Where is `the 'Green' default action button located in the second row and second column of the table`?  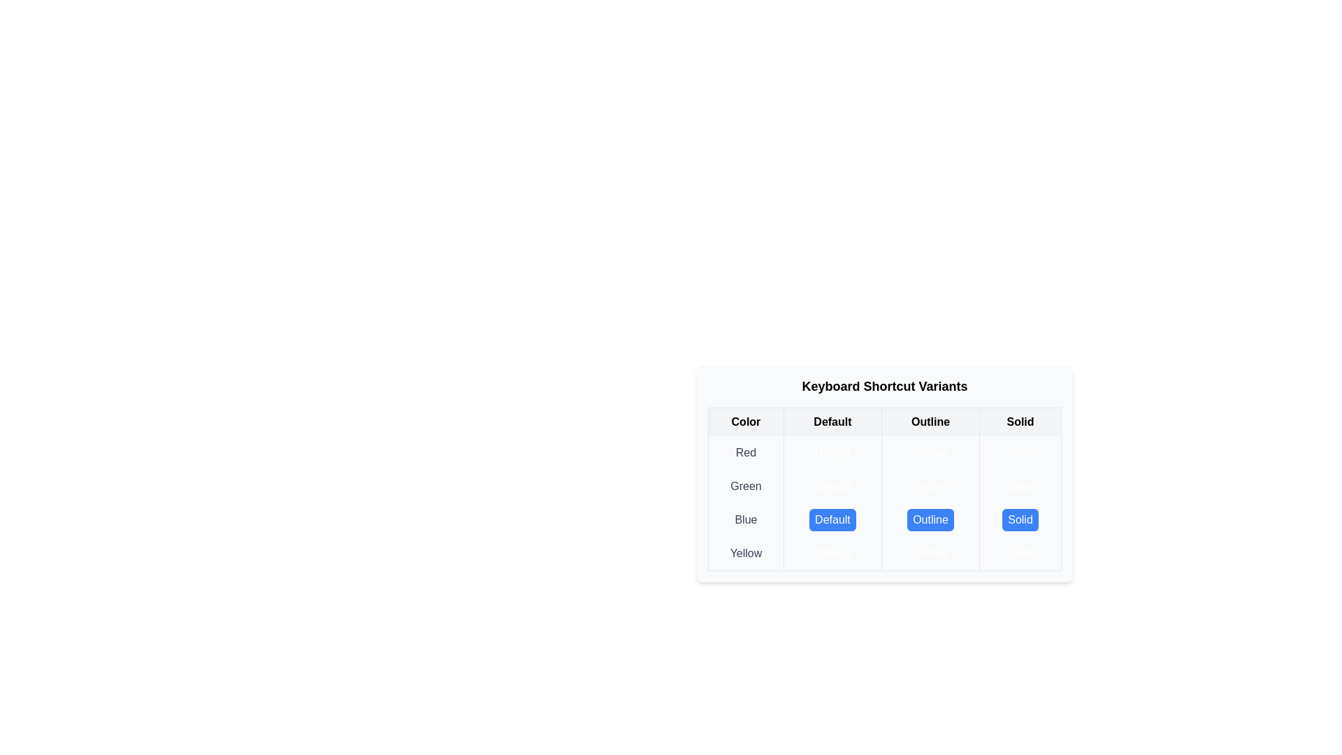
the 'Green' default action button located in the second row and second column of the table is located at coordinates (832, 485).